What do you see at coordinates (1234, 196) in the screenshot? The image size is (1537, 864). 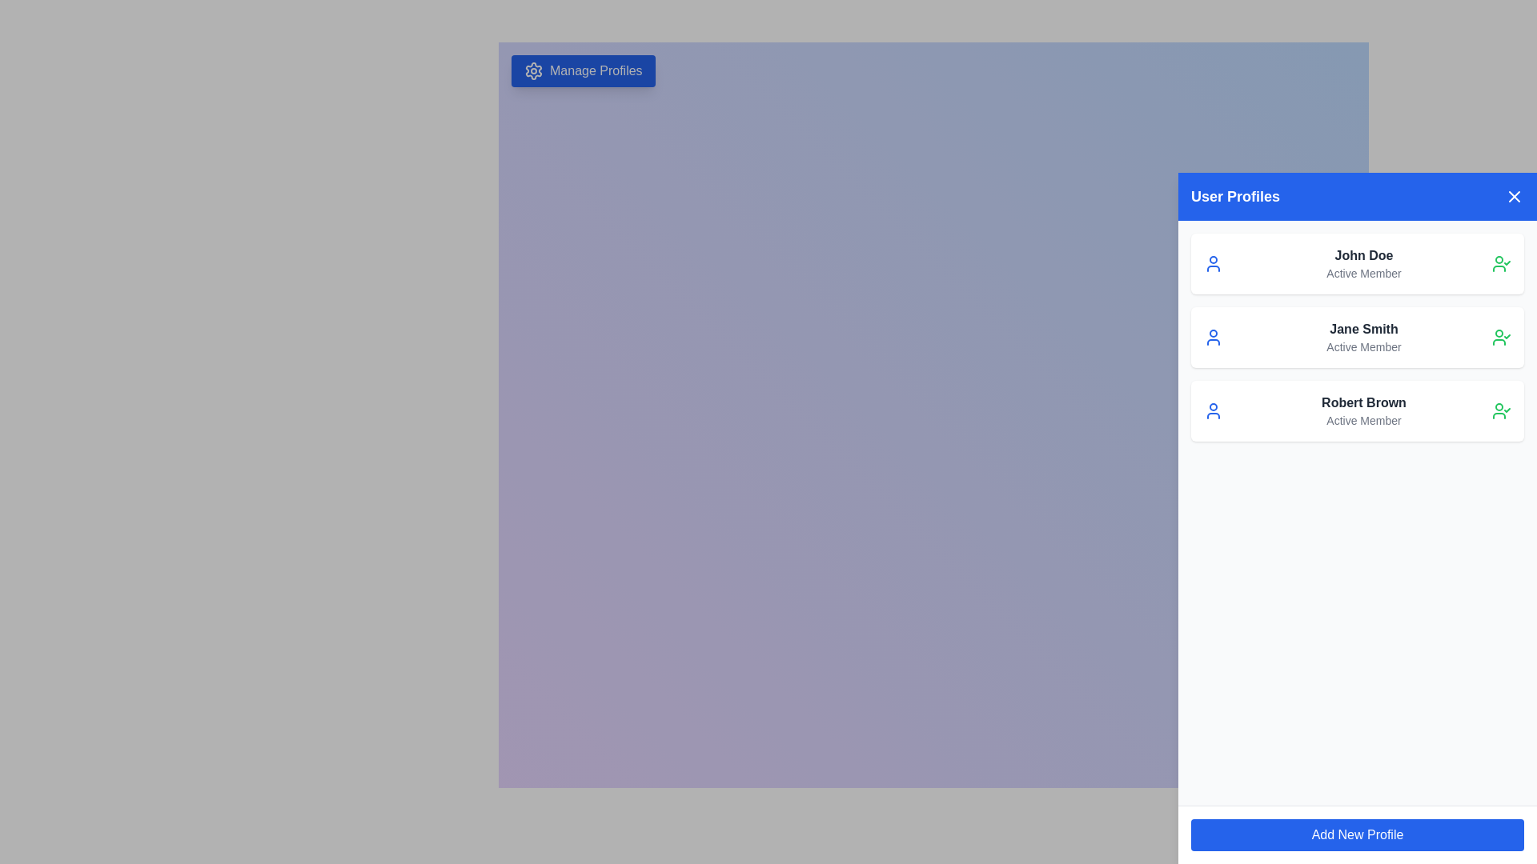 I see `text label indicating 'User Profiles' located in the blue navigation header at the top left section` at bounding box center [1234, 196].